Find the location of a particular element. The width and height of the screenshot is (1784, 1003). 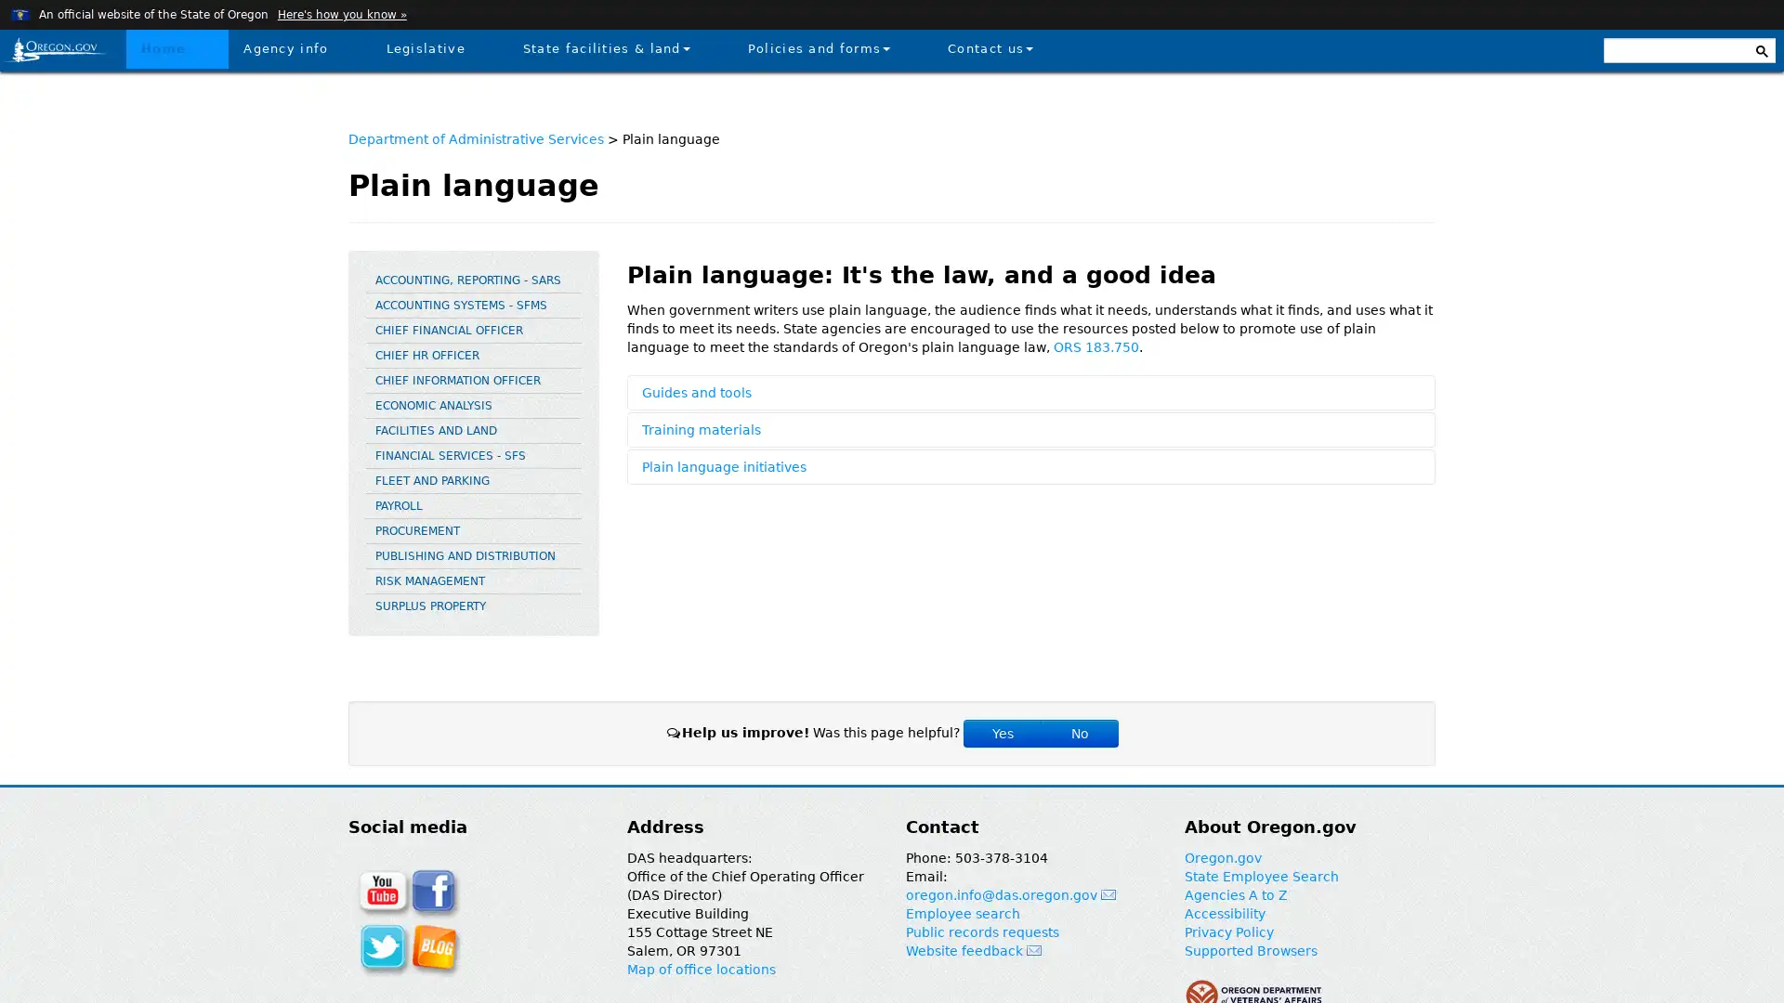

Policies and forms is located at coordinates (818, 46).